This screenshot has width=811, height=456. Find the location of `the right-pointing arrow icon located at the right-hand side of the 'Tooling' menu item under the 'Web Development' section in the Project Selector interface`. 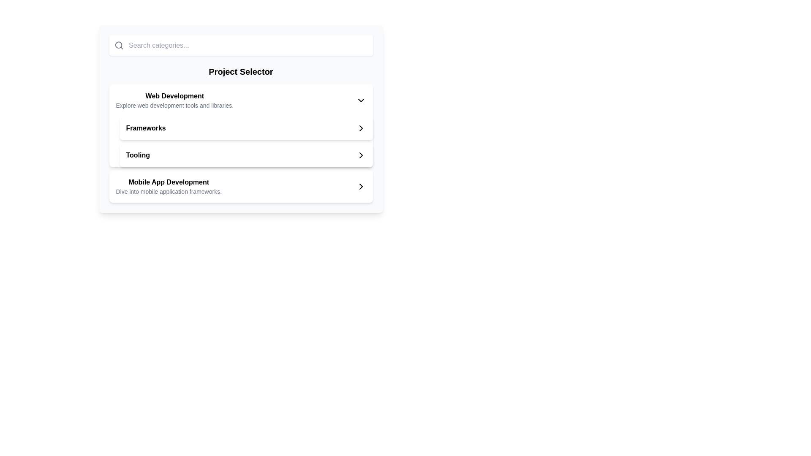

the right-pointing arrow icon located at the right-hand side of the 'Tooling' menu item under the 'Web Development' section in the Project Selector interface is located at coordinates (361, 155).